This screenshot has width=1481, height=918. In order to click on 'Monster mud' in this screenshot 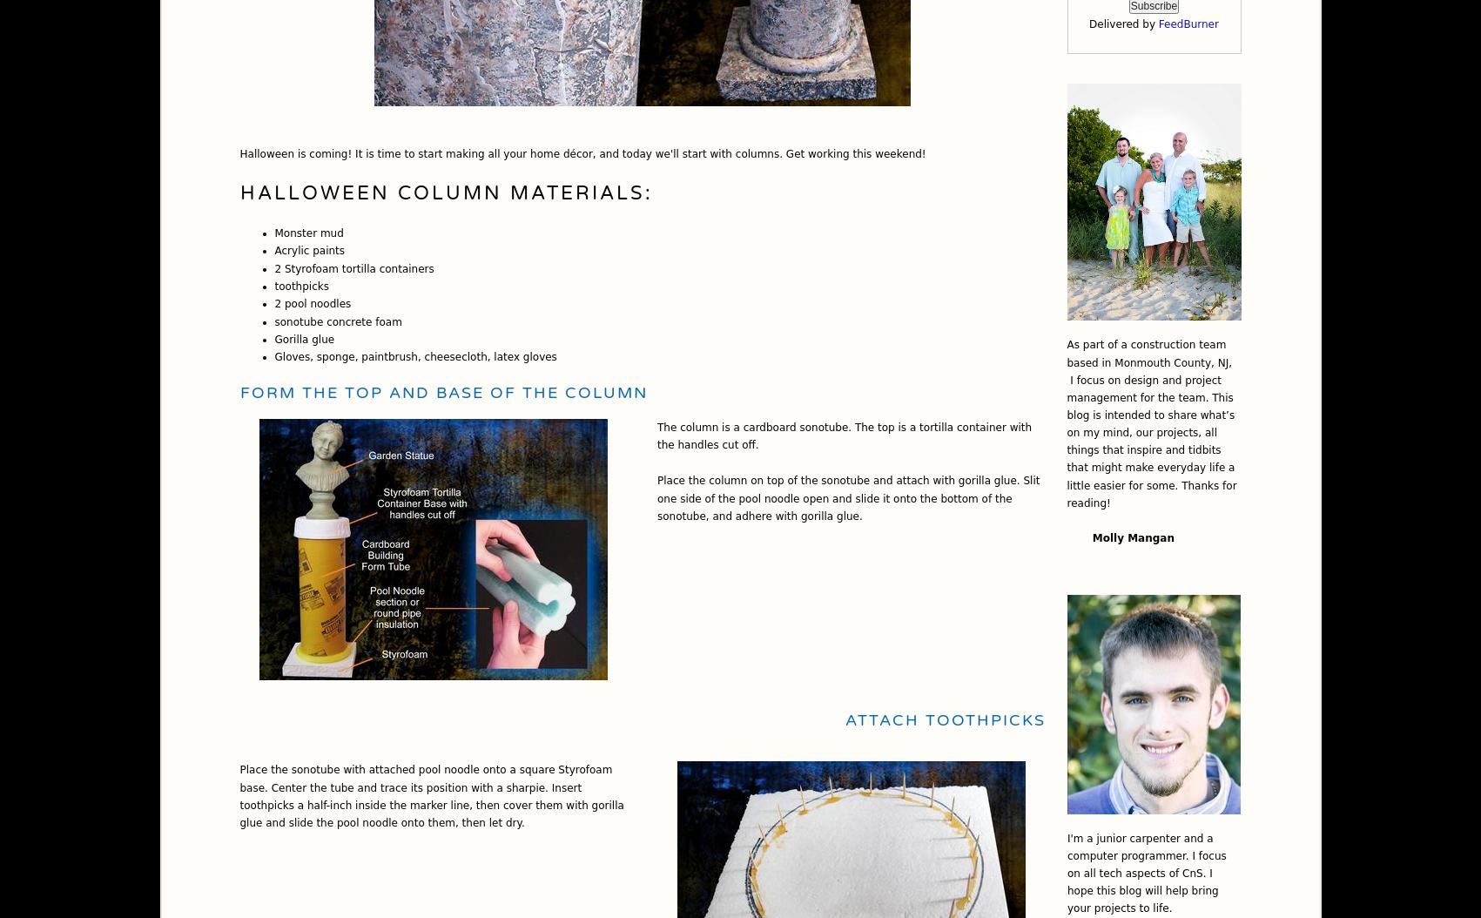, I will do `click(308, 231)`.